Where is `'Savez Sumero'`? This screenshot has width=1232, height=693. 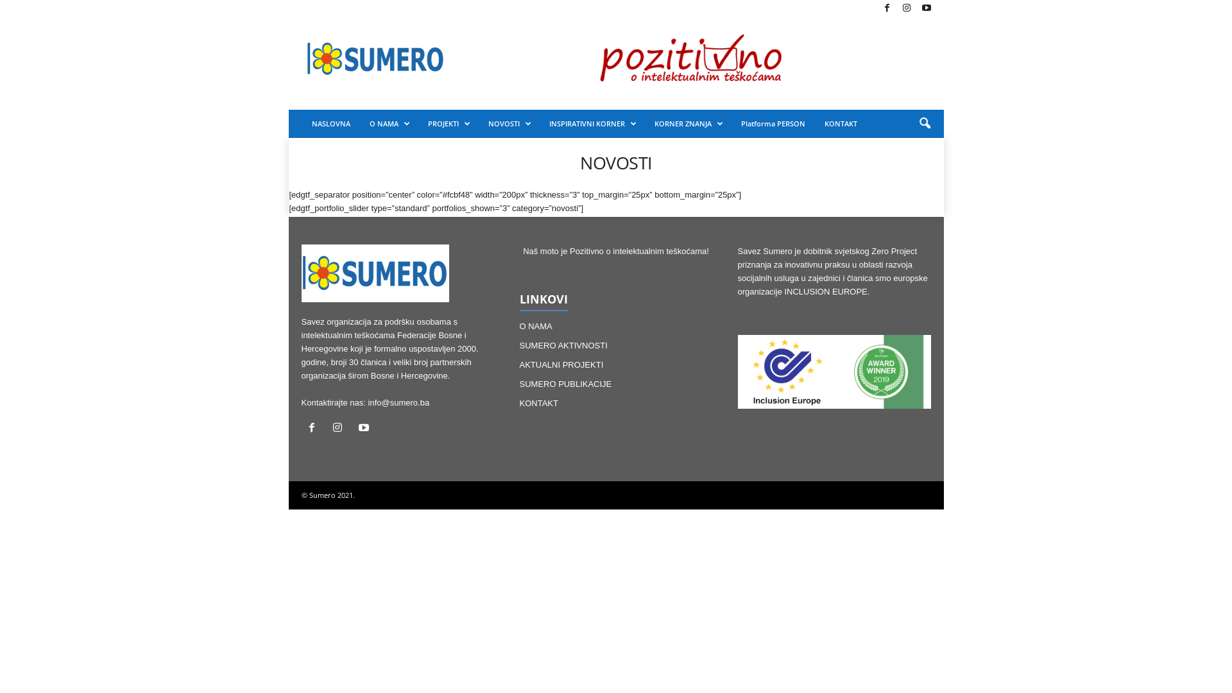 'Savez Sumero' is located at coordinates (375, 272).